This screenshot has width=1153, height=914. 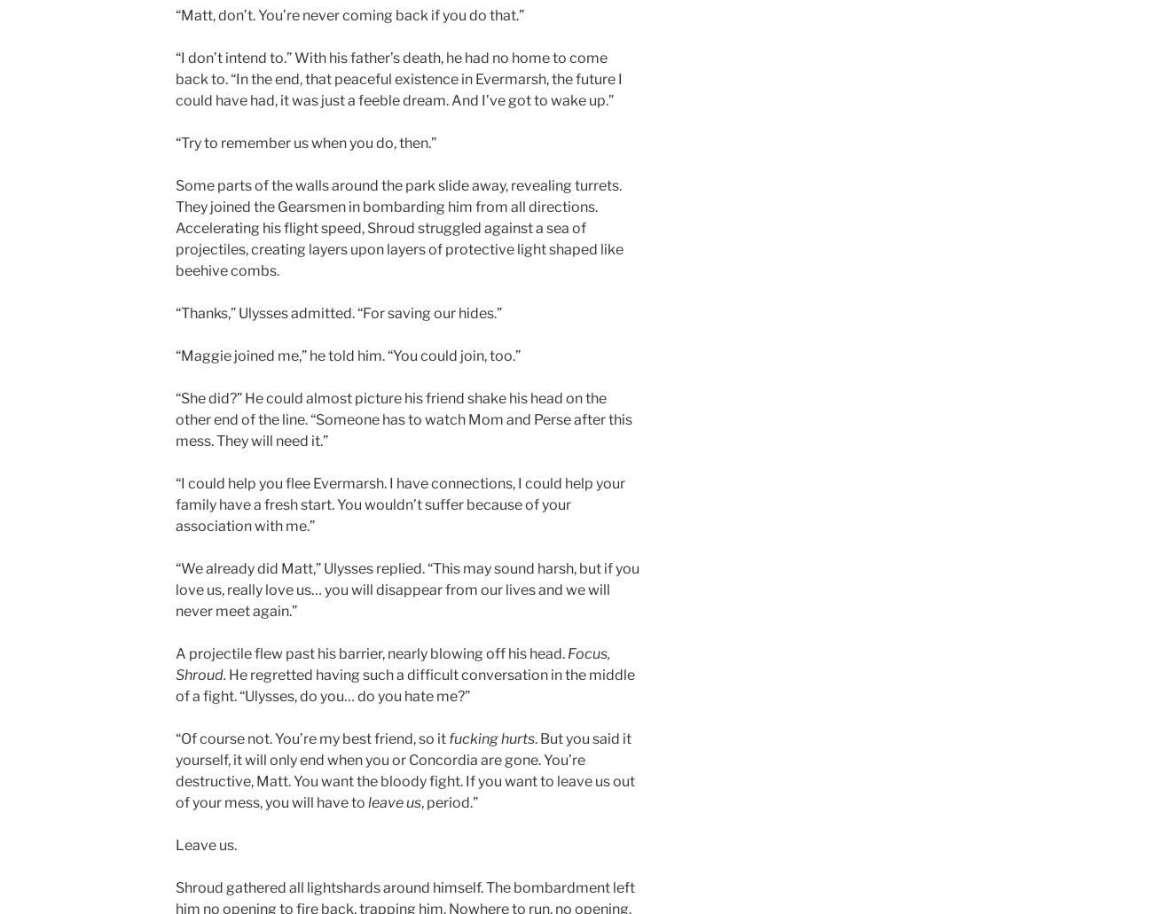 What do you see at coordinates (175, 312) in the screenshot?
I see `'“Thanks,” Ulysses admitted. “For saving our hides.”'` at bounding box center [175, 312].